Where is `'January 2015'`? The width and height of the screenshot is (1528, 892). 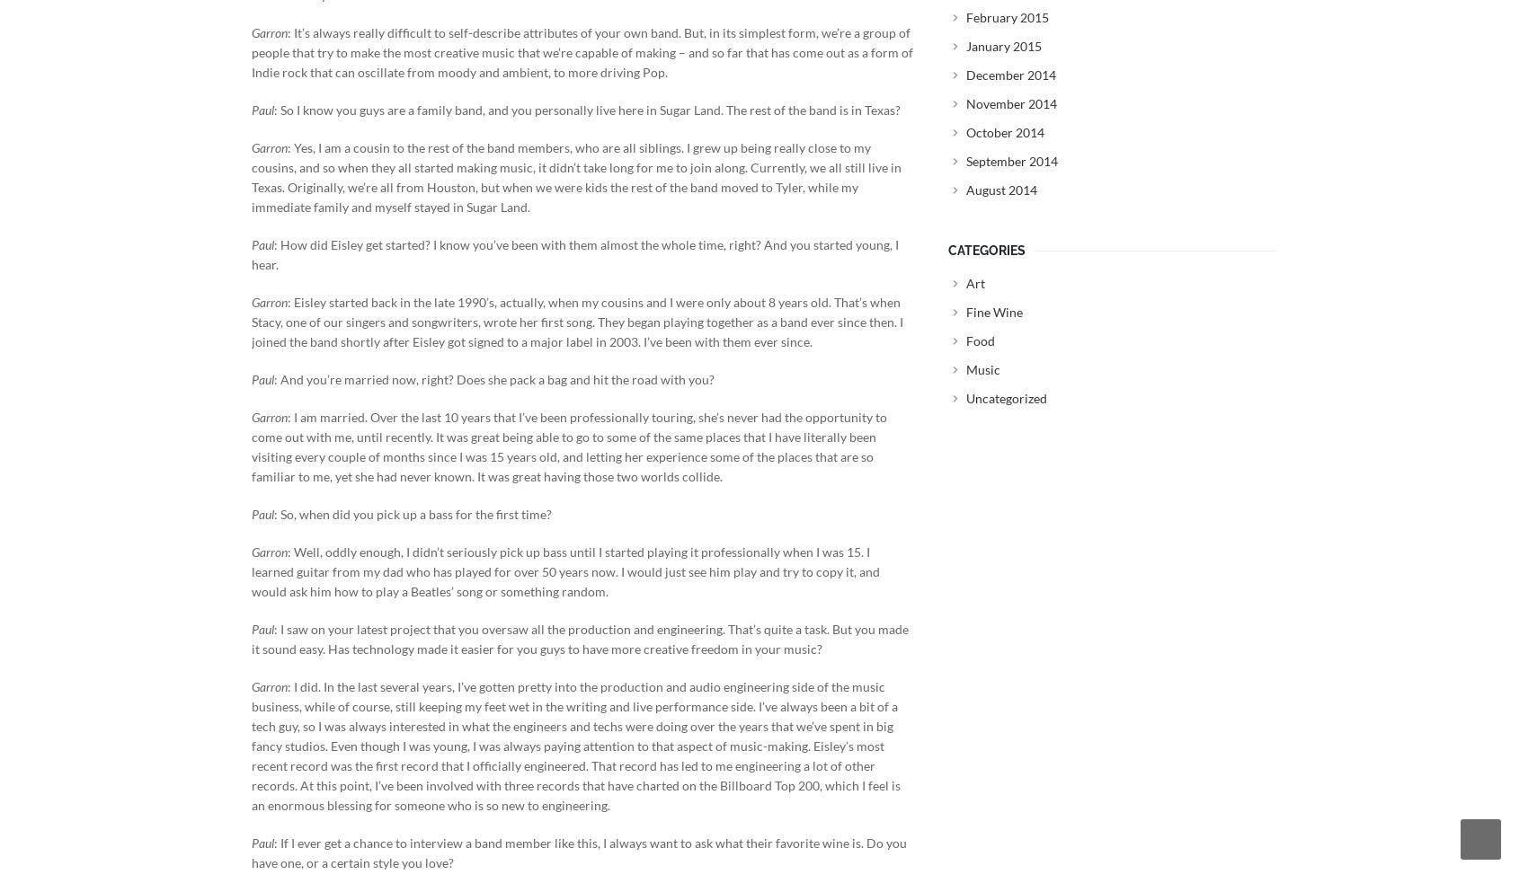
'January 2015' is located at coordinates (1004, 45).